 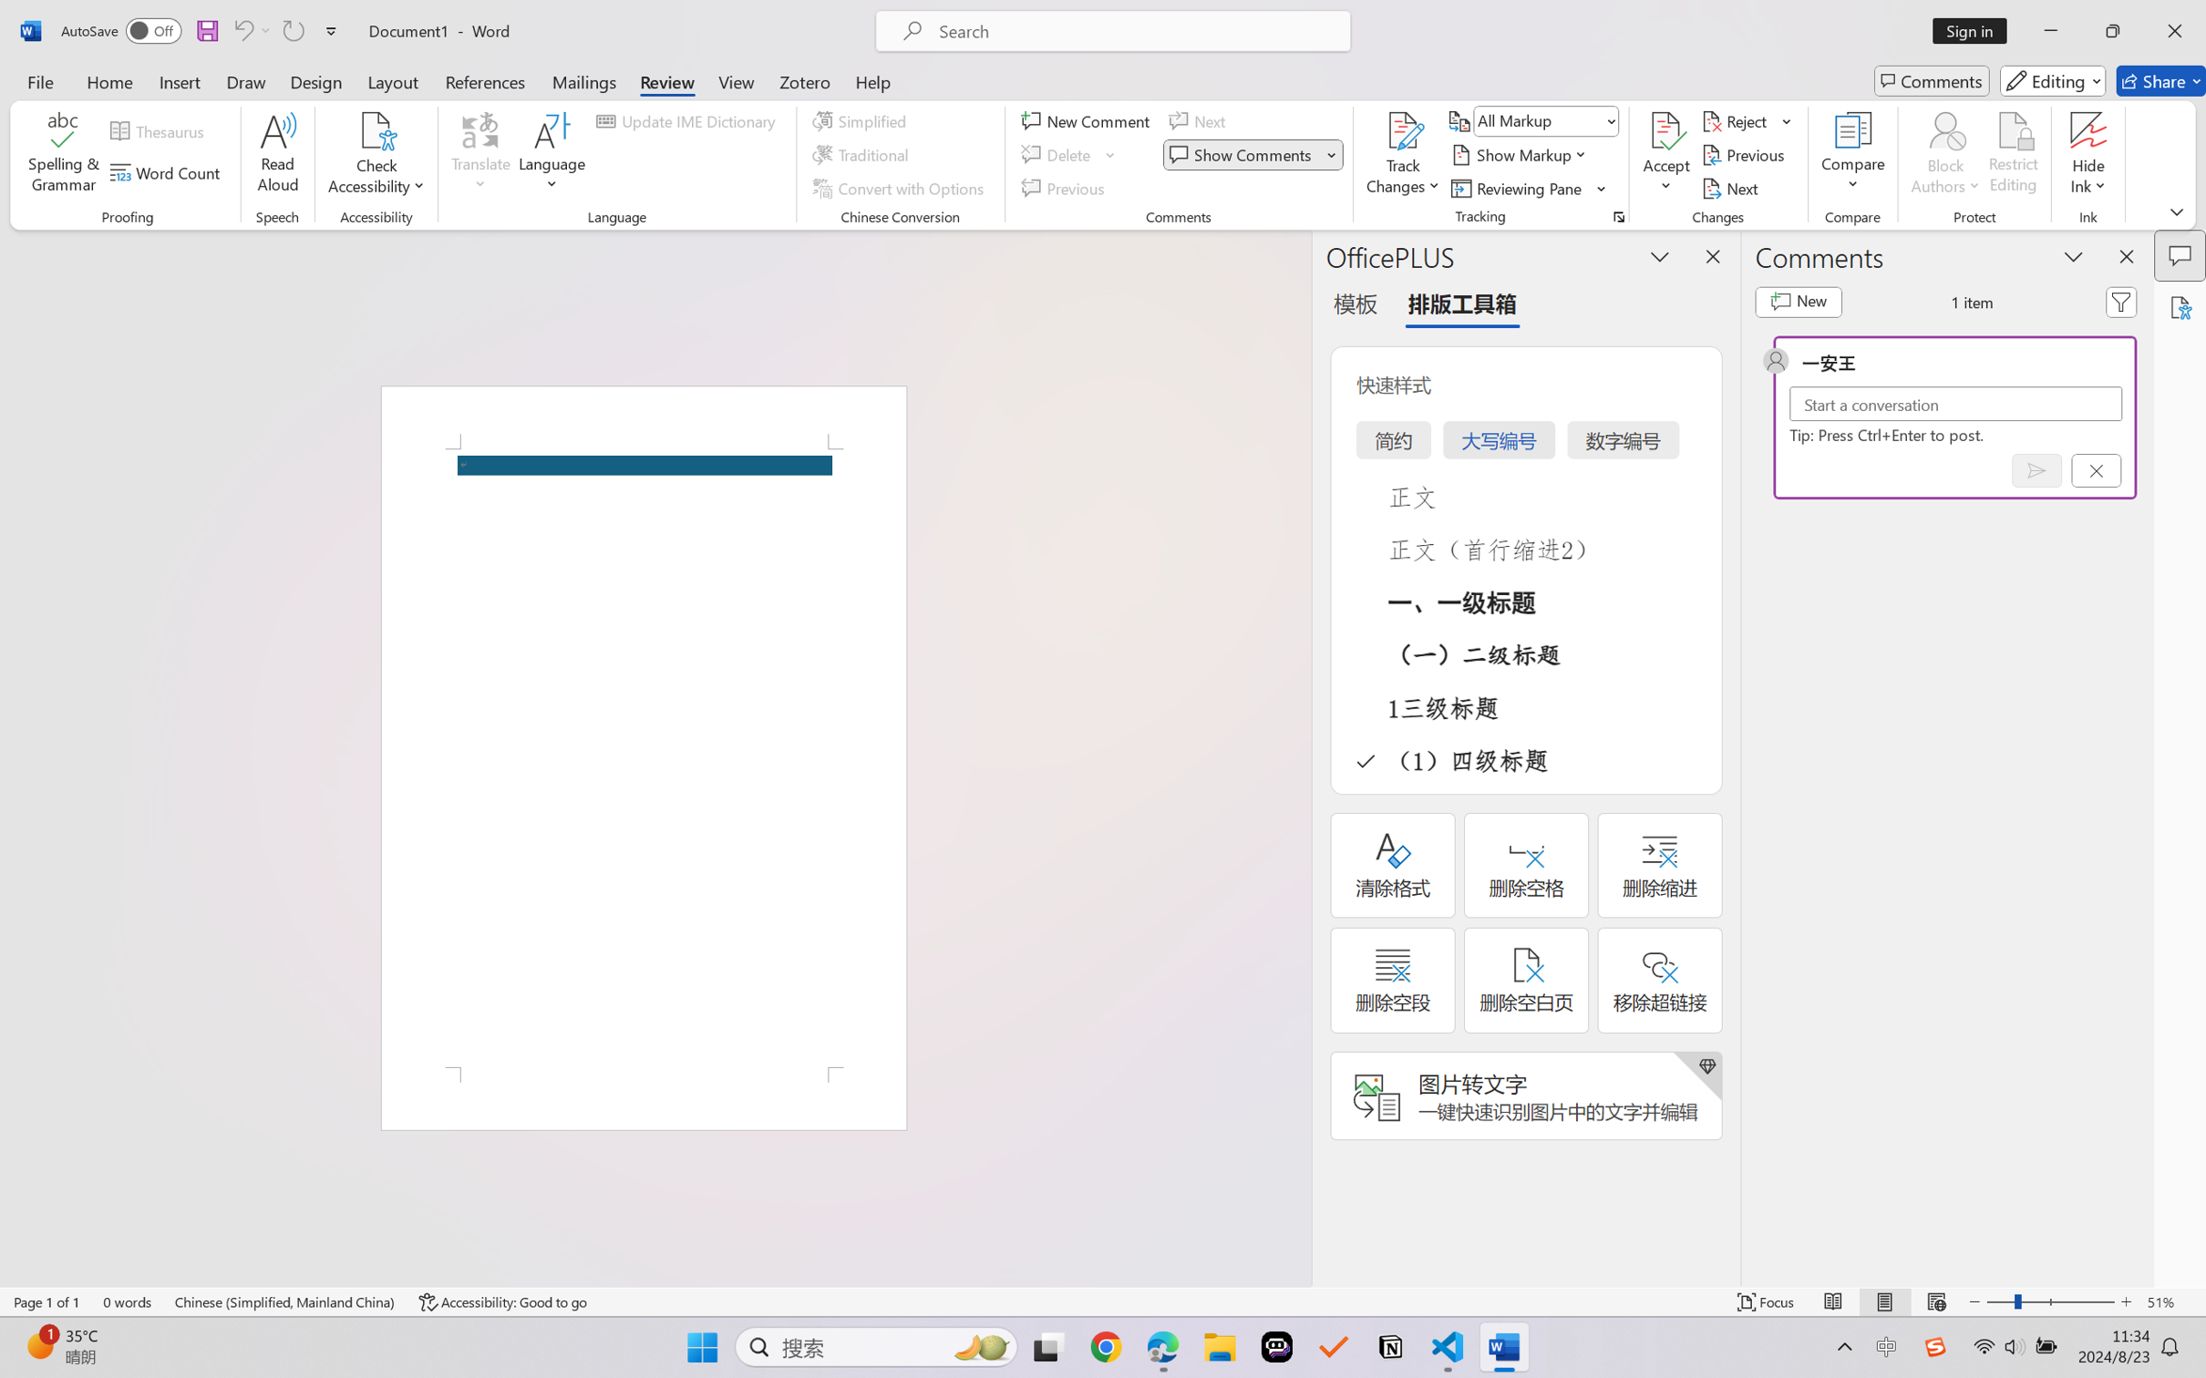 I want to click on 'Restrict Editing', so click(x=2012, y=155).